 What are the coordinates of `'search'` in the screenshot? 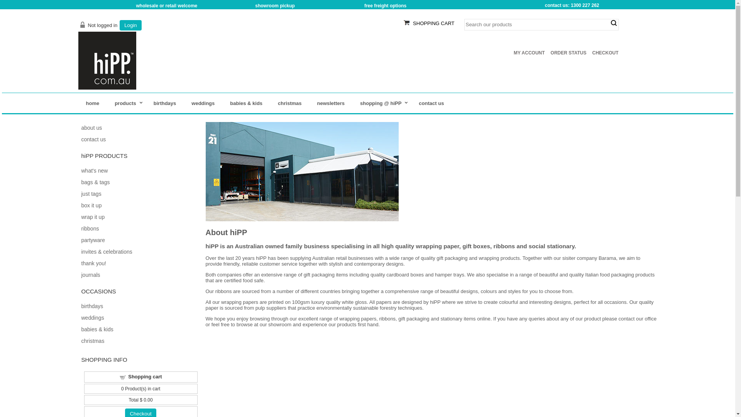 It's located at (613, 23).